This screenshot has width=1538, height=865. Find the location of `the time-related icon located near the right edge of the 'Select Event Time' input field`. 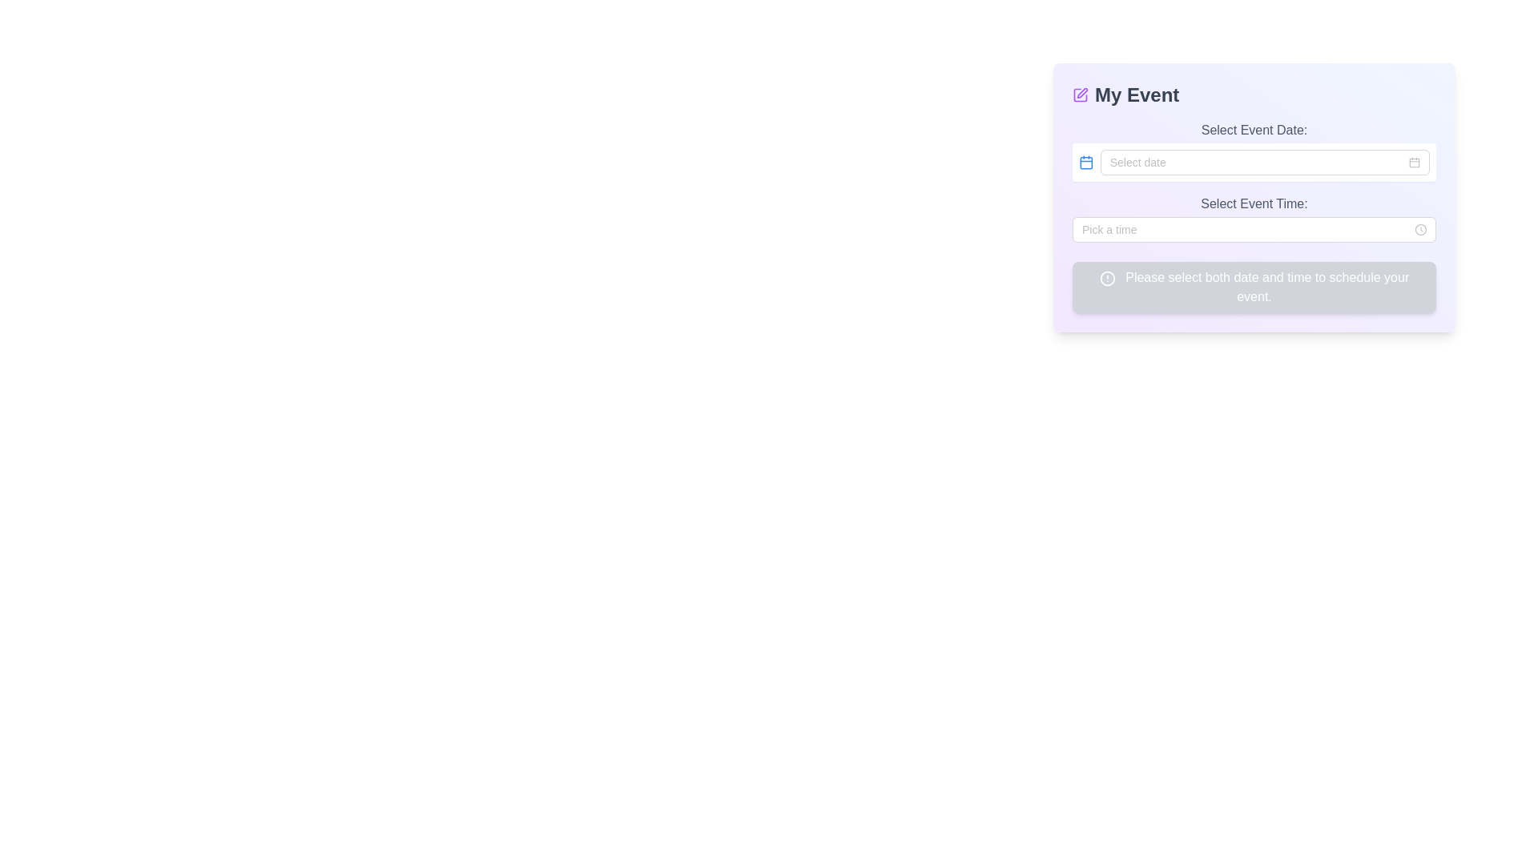

the time-related icon located near the right edge of the 'Select Event Time' input field is located at coordinates (1421, 229).